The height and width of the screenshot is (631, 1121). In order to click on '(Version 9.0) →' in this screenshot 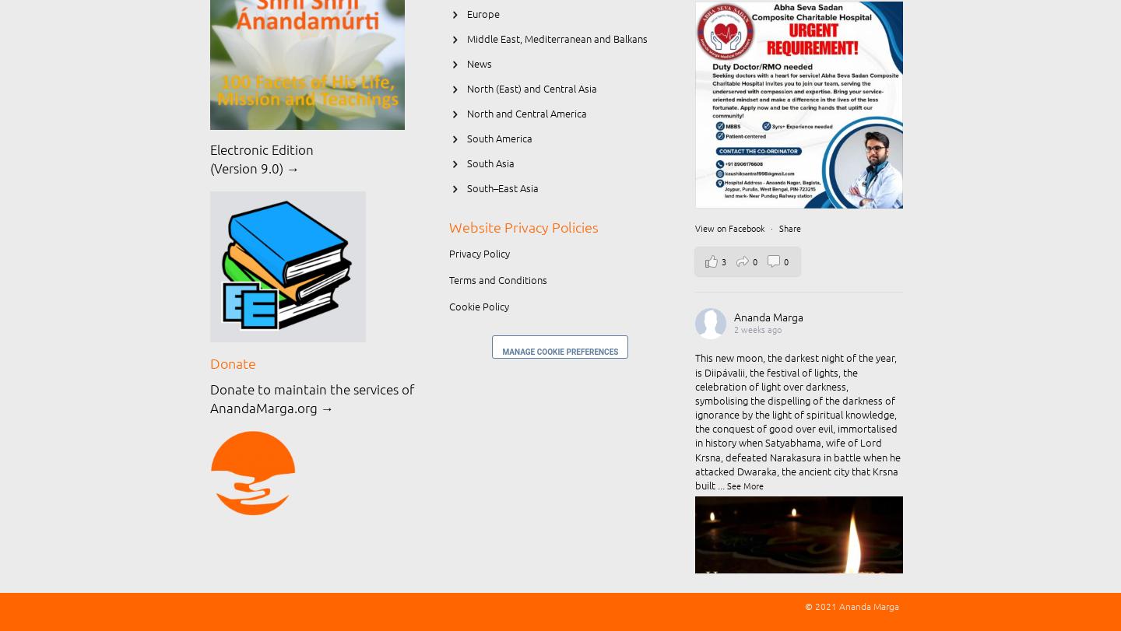, I will do `click(255, 169)`.